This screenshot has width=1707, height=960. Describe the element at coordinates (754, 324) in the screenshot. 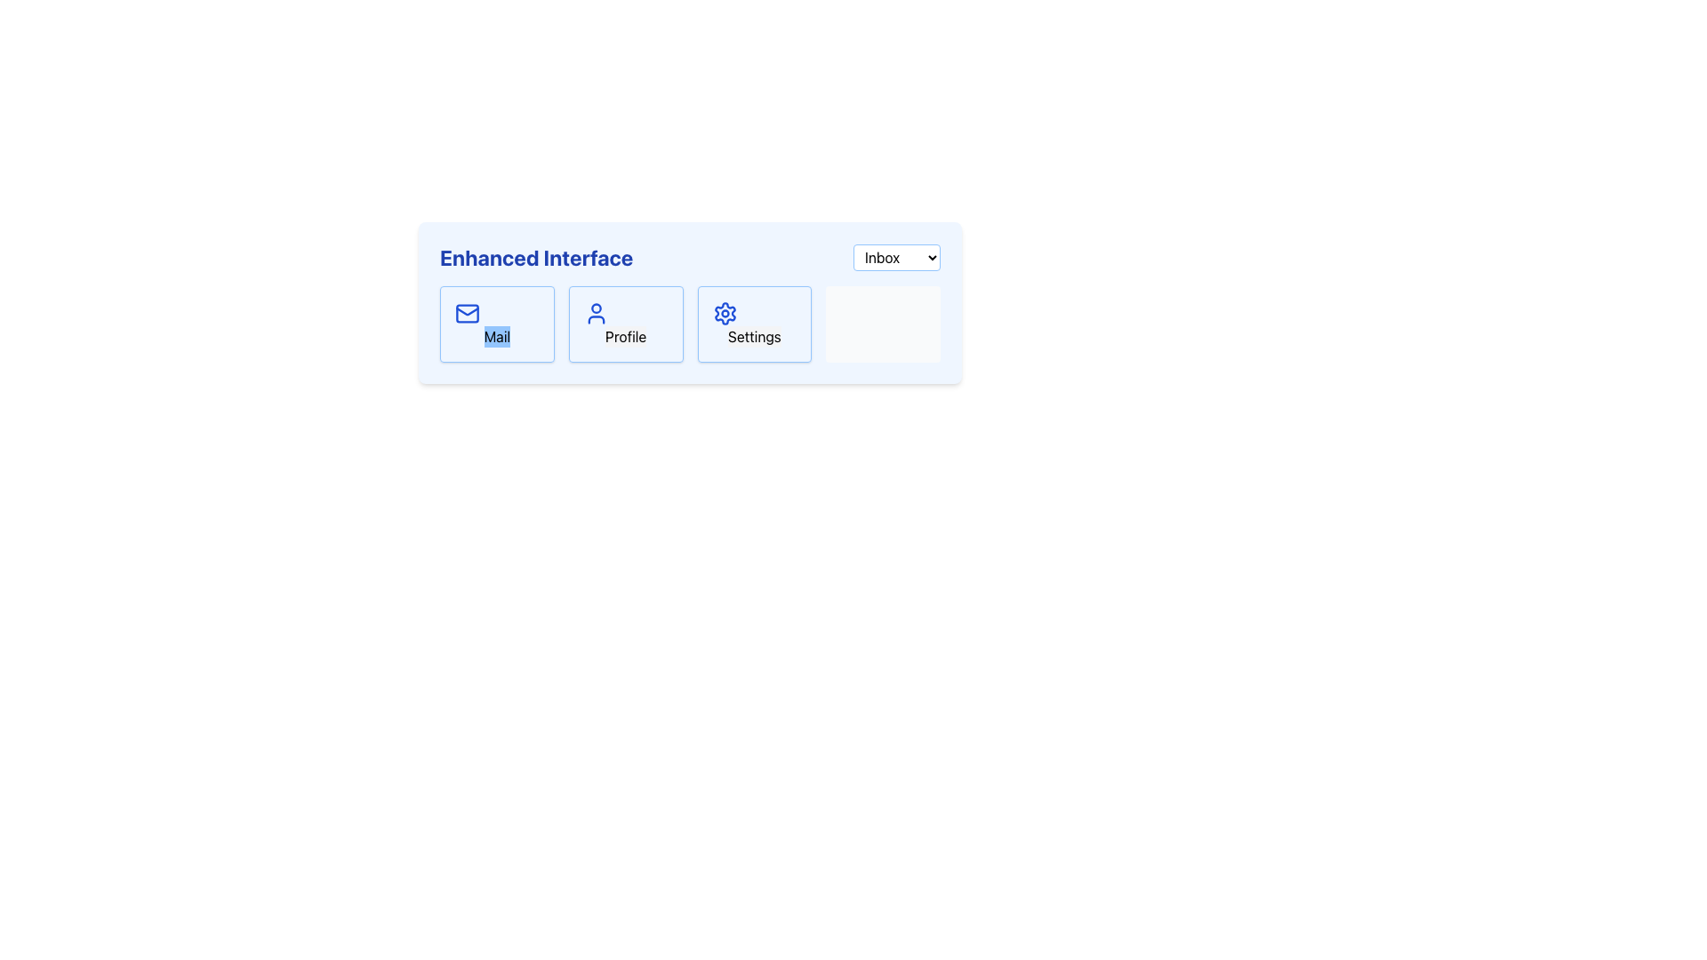

I see `the 'Settings' button element` at that location.